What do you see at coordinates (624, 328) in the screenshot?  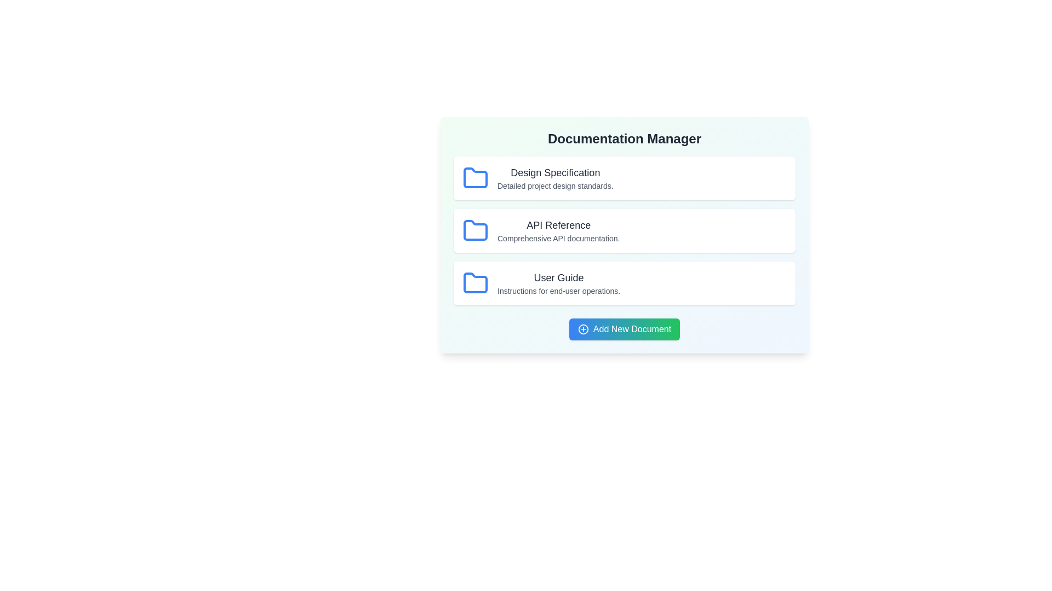 I see `the 'Add New Document' button` at bounding box center [624, 328].